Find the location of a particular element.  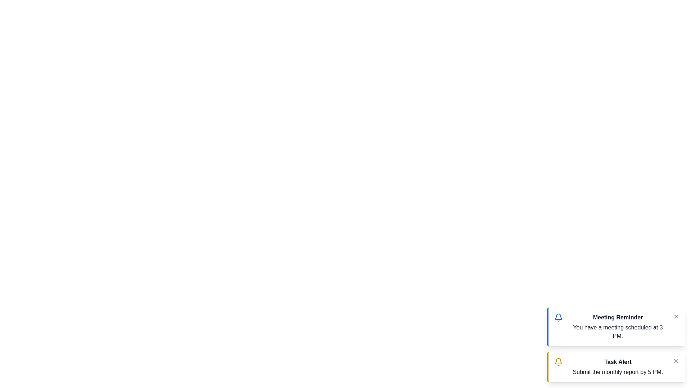

the notification title of the 'Meeting Reminder' notification is located at coordinates (618, 317).